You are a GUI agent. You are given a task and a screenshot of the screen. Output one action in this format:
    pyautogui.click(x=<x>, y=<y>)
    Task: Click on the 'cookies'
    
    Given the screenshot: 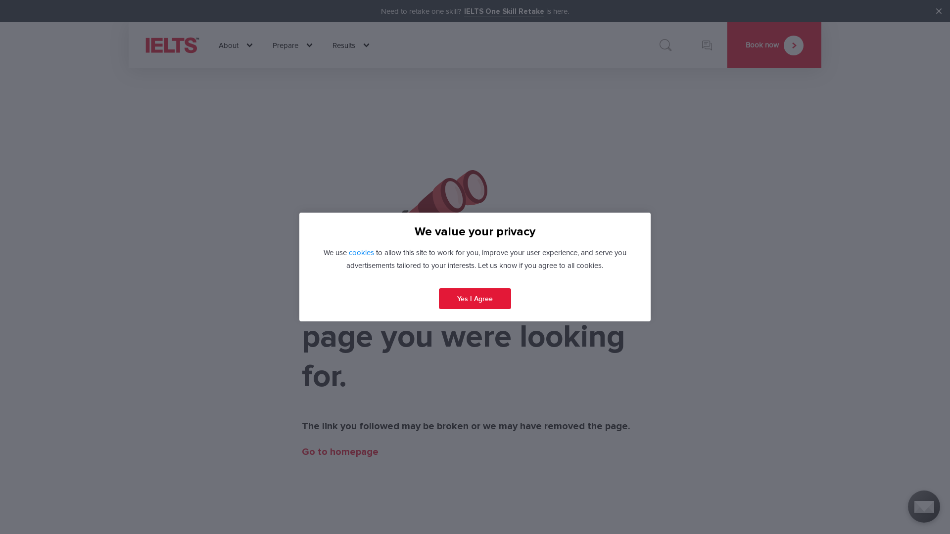 What is the action you would take?
    pyautogui.click(x=361, y=252)
    